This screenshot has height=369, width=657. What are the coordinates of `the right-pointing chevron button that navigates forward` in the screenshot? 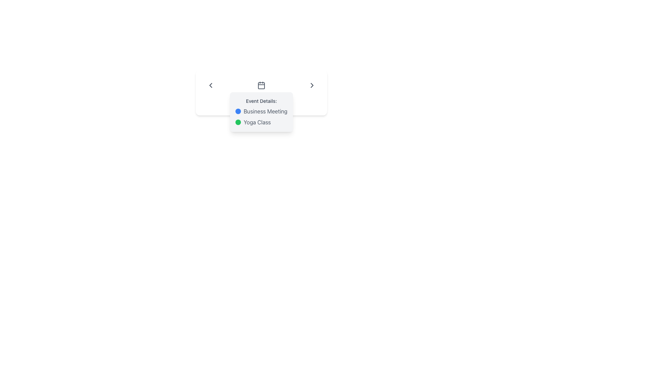 It's located at (312, 85).